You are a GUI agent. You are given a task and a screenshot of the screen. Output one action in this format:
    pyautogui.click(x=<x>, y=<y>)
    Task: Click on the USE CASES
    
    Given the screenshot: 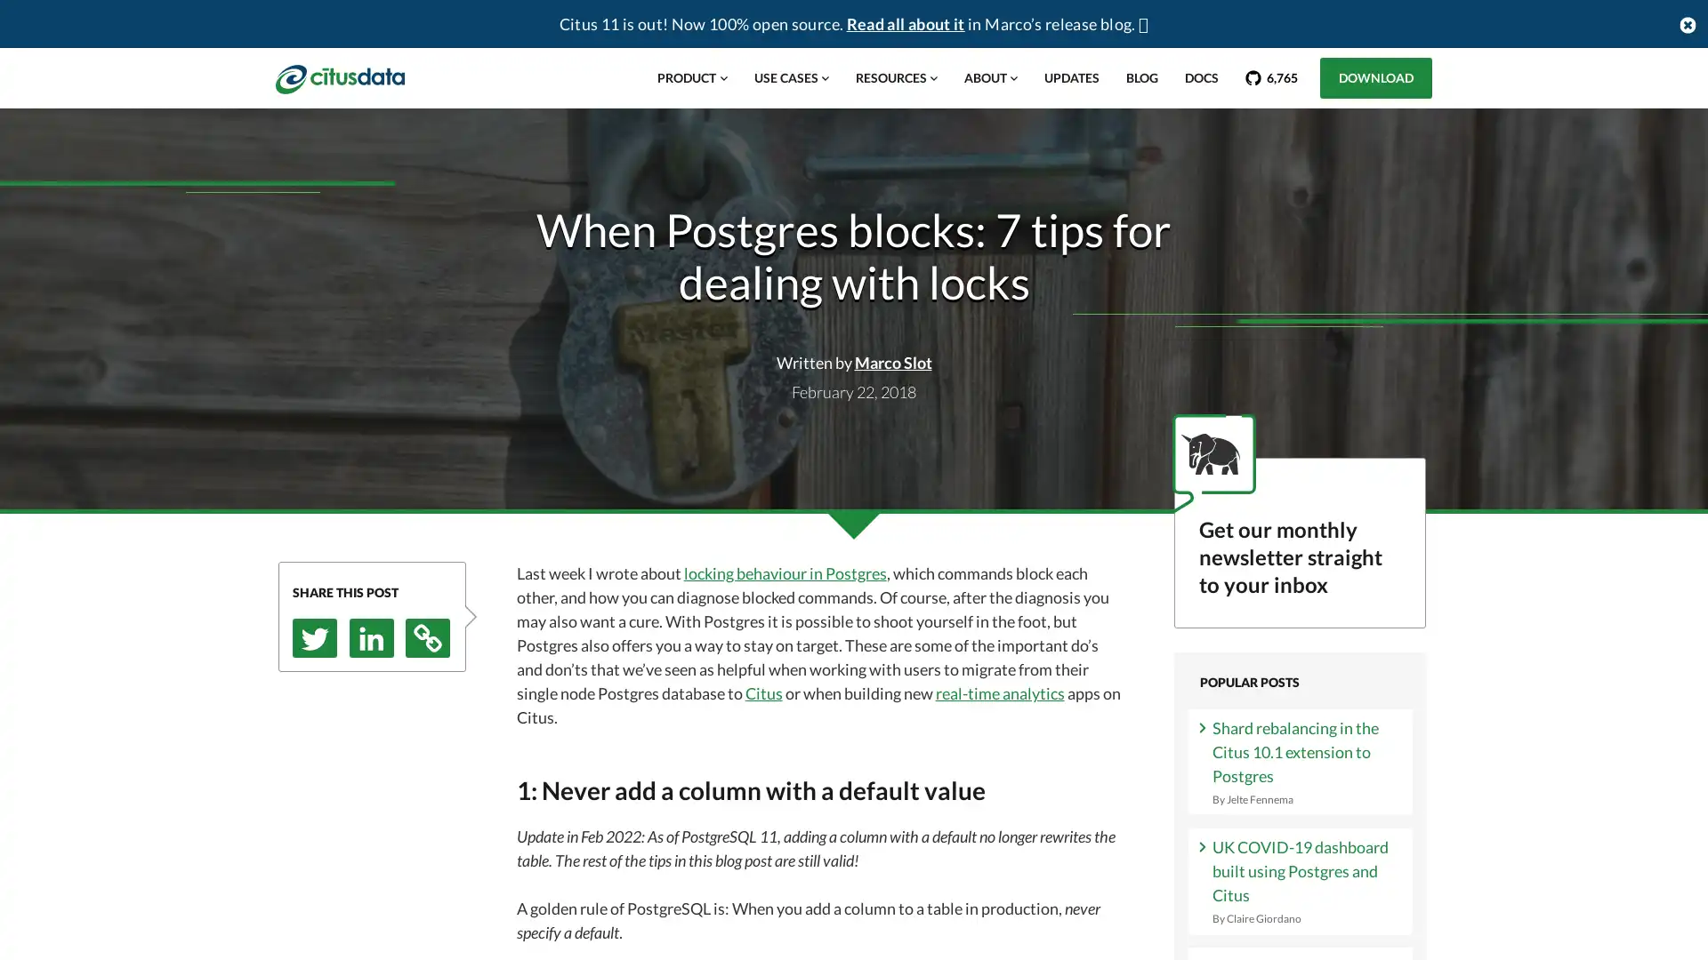 What is the action you would take?
    pyautogui.click(x=789, y=77)
    